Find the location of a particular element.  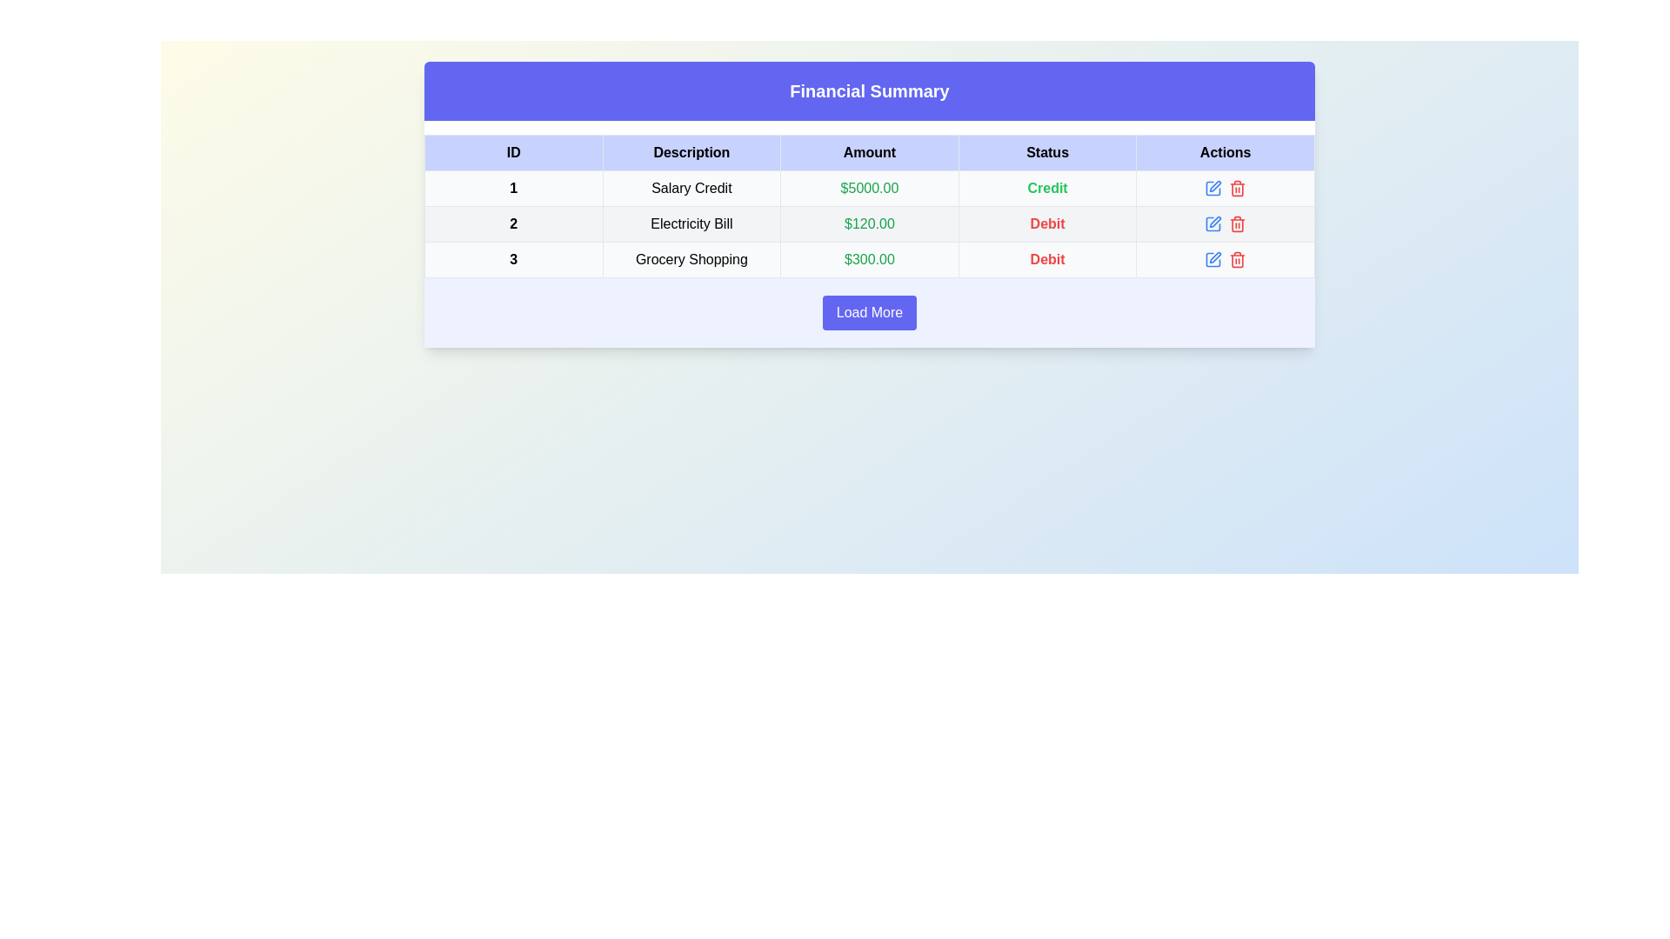

the text label displaying 'Electricity Bill' located in the second row of the table under the 'Description' header is located at coordinates (691, 223).